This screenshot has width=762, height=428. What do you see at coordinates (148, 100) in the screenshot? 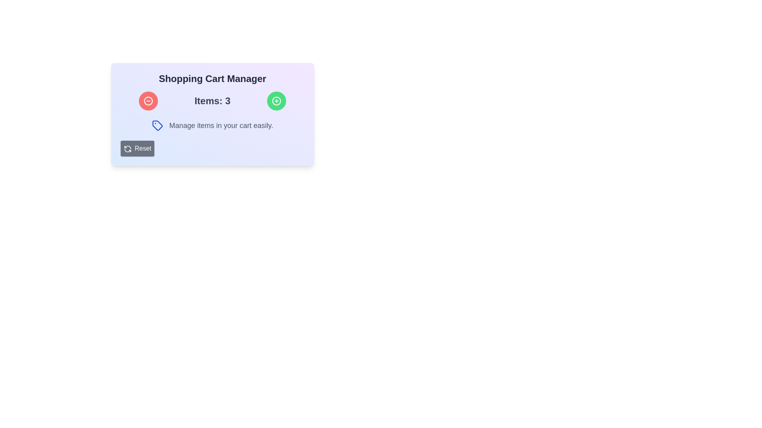
I see `the red circular button with a '-' symbol to decrease the count` at bounding box center [148, 100].